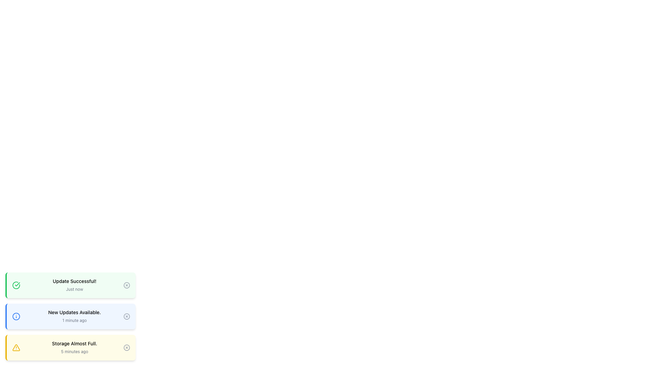 Image resolution: width=651 pixels, height=366 pixels. What do you see at coordinates (75, 320) in the screenshot?
I see `the text label that reads '1 minute ago', which is styled in light gray and positioned below the title 'New Updates Available.'` at bounding box center [75, 320].